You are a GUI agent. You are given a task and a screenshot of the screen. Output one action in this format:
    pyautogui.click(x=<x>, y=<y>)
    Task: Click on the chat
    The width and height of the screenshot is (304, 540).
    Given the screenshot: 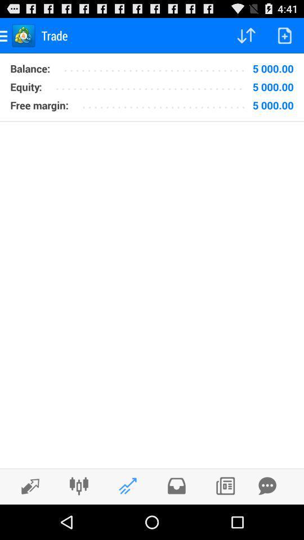 What is the action you would take?
    pyautogui.click(x=267, y=485)
    